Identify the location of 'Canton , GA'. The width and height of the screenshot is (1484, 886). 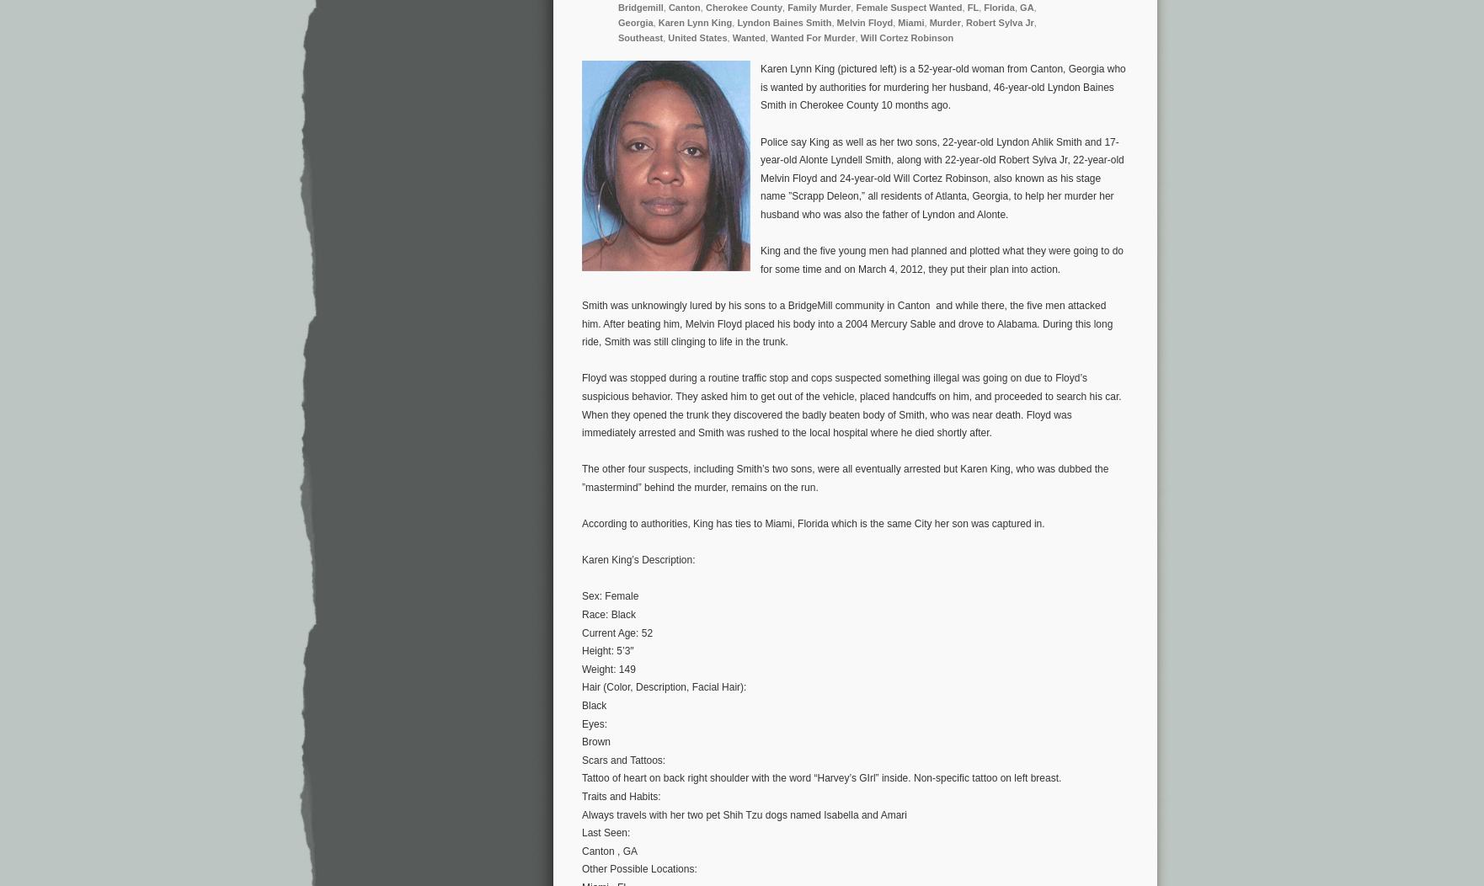
(609, 850).